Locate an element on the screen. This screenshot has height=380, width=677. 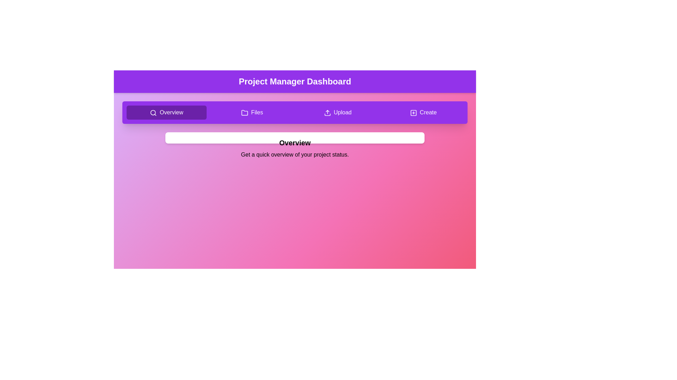
the tab button corresponding to Overview is located at coordinates (166, 112).